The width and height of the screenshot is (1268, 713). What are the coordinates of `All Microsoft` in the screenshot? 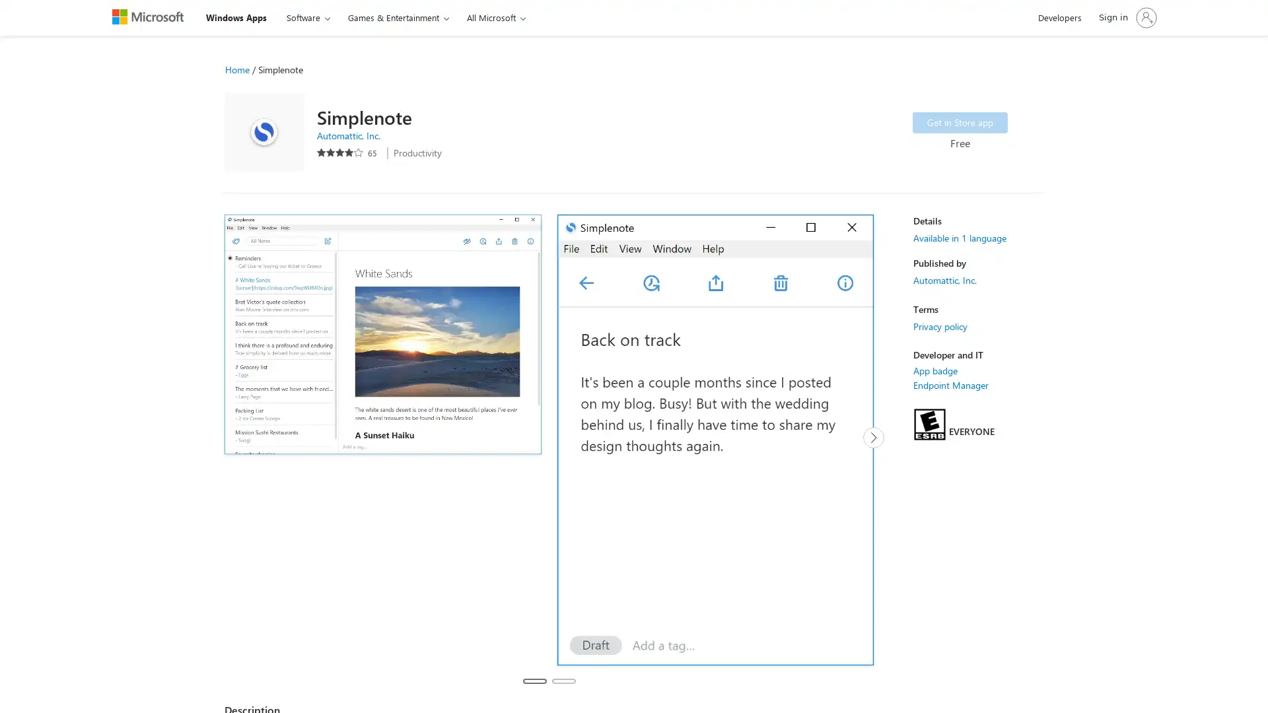 It's located at (495, 17).